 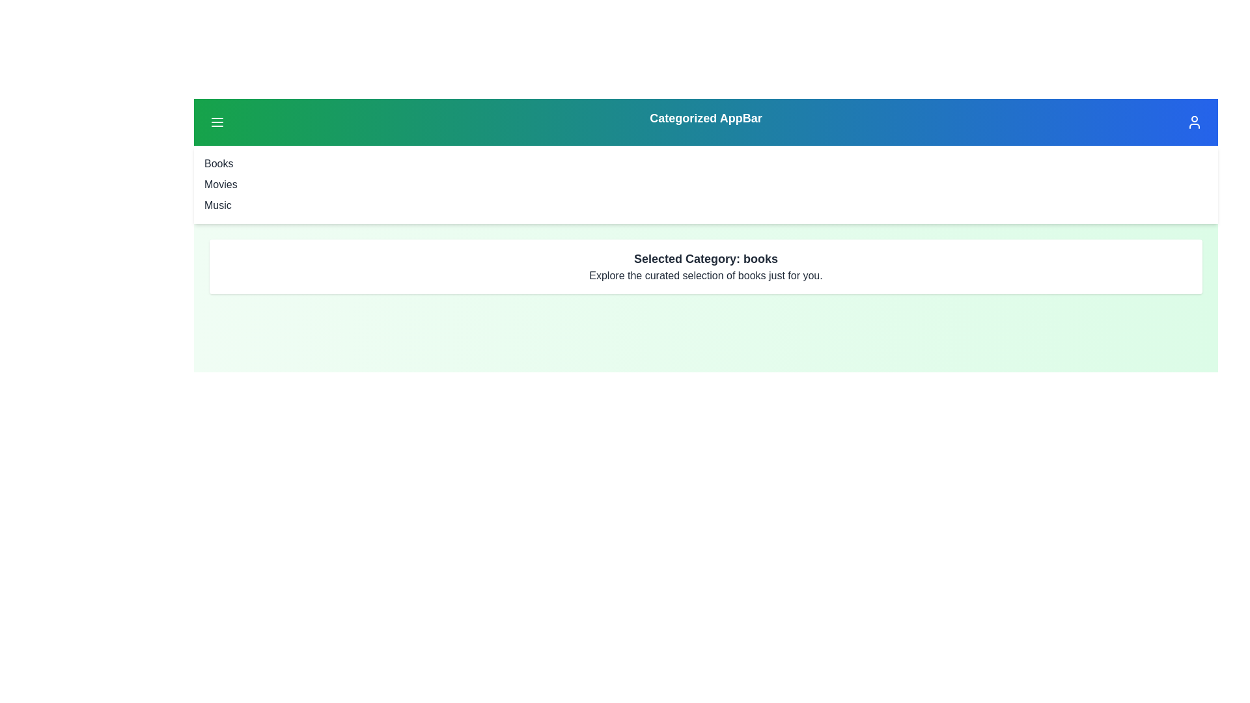 I want to click on the menu button to toggle the menu visibility, so click(x=217, y=122).